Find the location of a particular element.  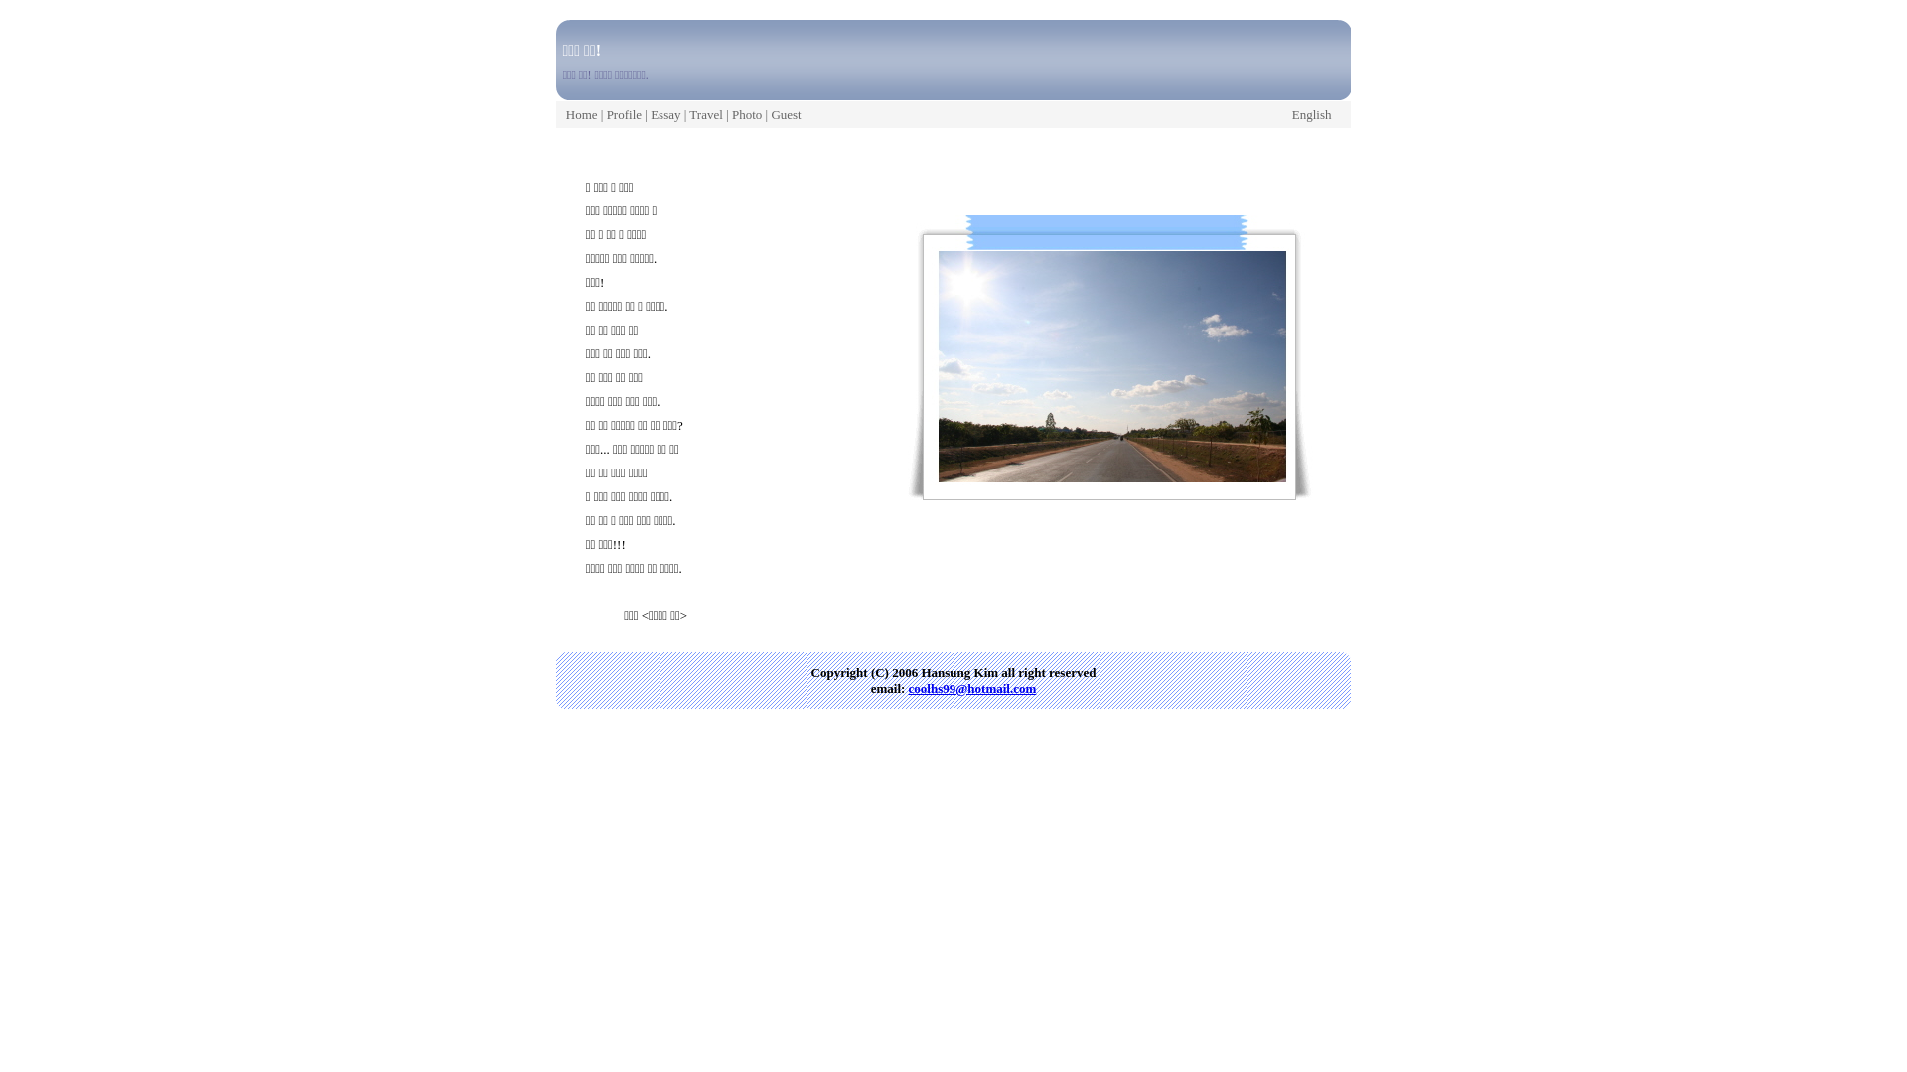

'Guest' is located at coordinates (785, 114).